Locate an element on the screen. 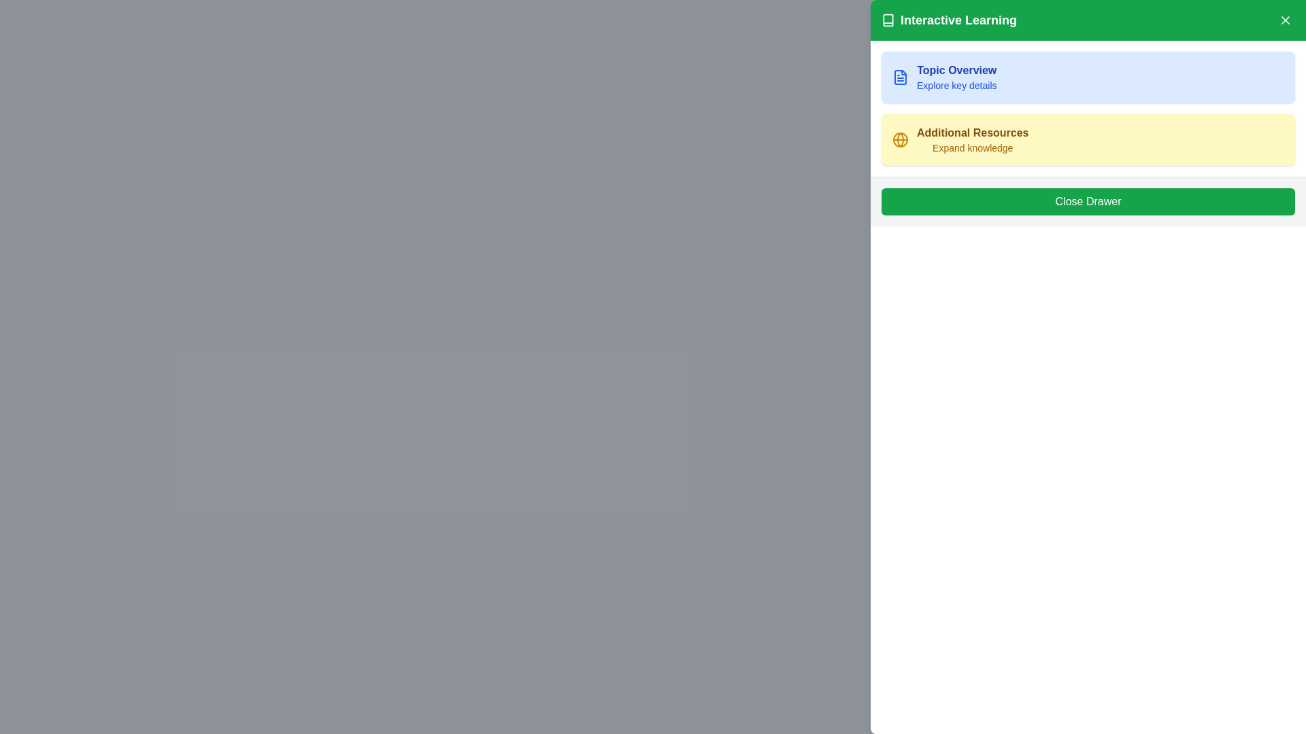 Image resolution: width=1306 pixels, height=734 pixels. the globe icon with a yellow color scheme, featuring horizontal and vertical stripes, located within the light yellow box labeled 'Additional Resources' is located at coordinates (901, 139).